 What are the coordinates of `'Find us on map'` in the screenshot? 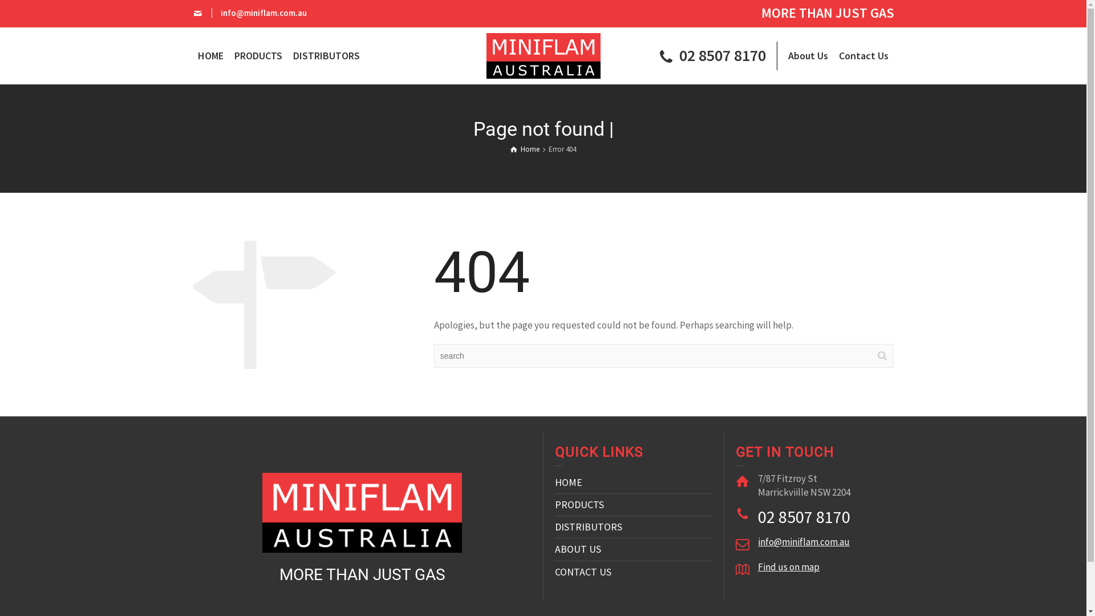 It's located at (788, 567).